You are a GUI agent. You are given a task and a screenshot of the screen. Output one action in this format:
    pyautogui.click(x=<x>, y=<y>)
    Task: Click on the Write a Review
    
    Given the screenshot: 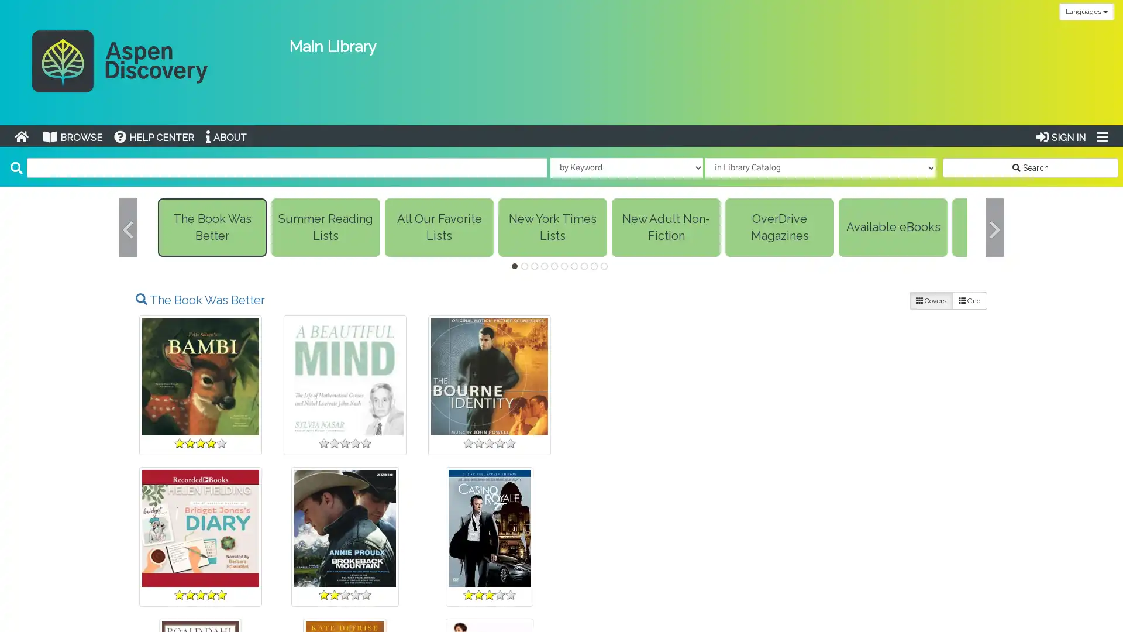 What is the action you would take?
    pyautogui.click(x=488, y=596)
    